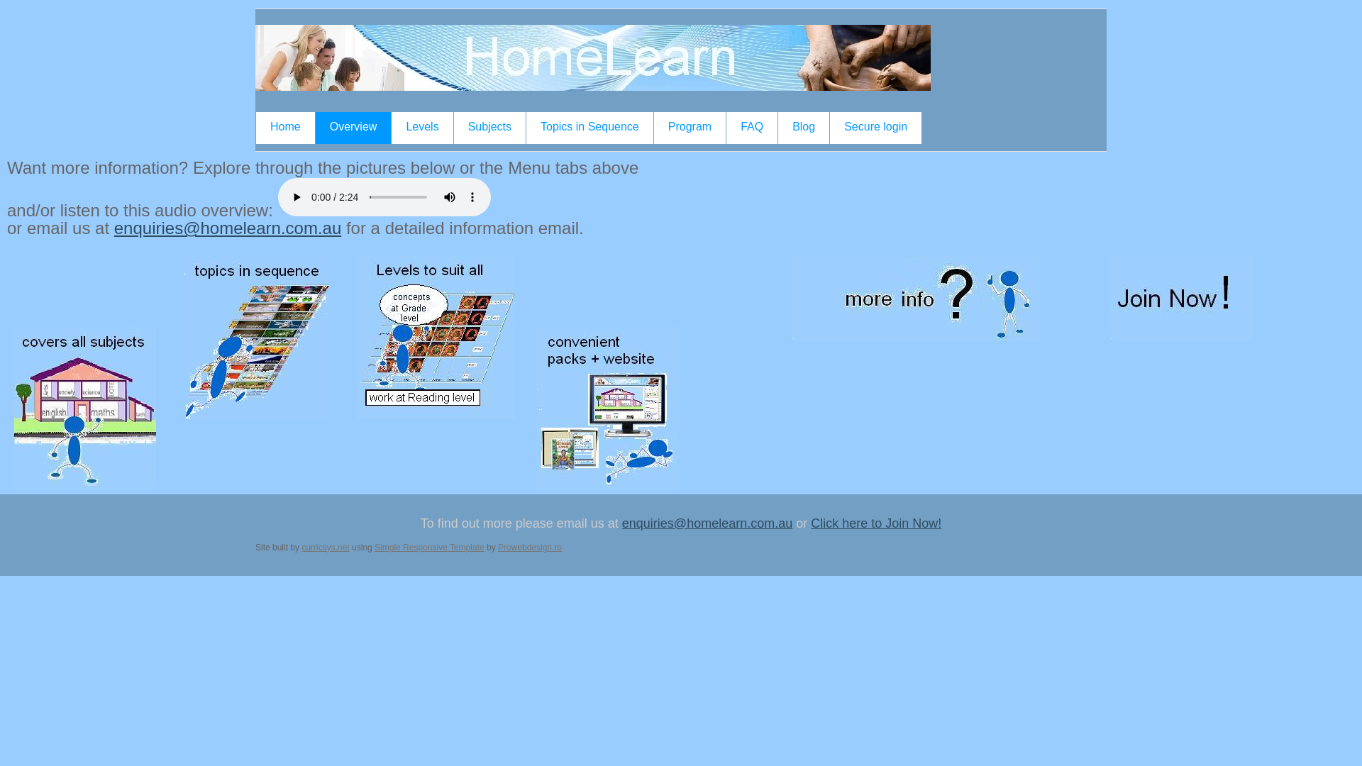 This screenshot has height=766, width=1362. I want to click on 'Overview', so click(353, 128).